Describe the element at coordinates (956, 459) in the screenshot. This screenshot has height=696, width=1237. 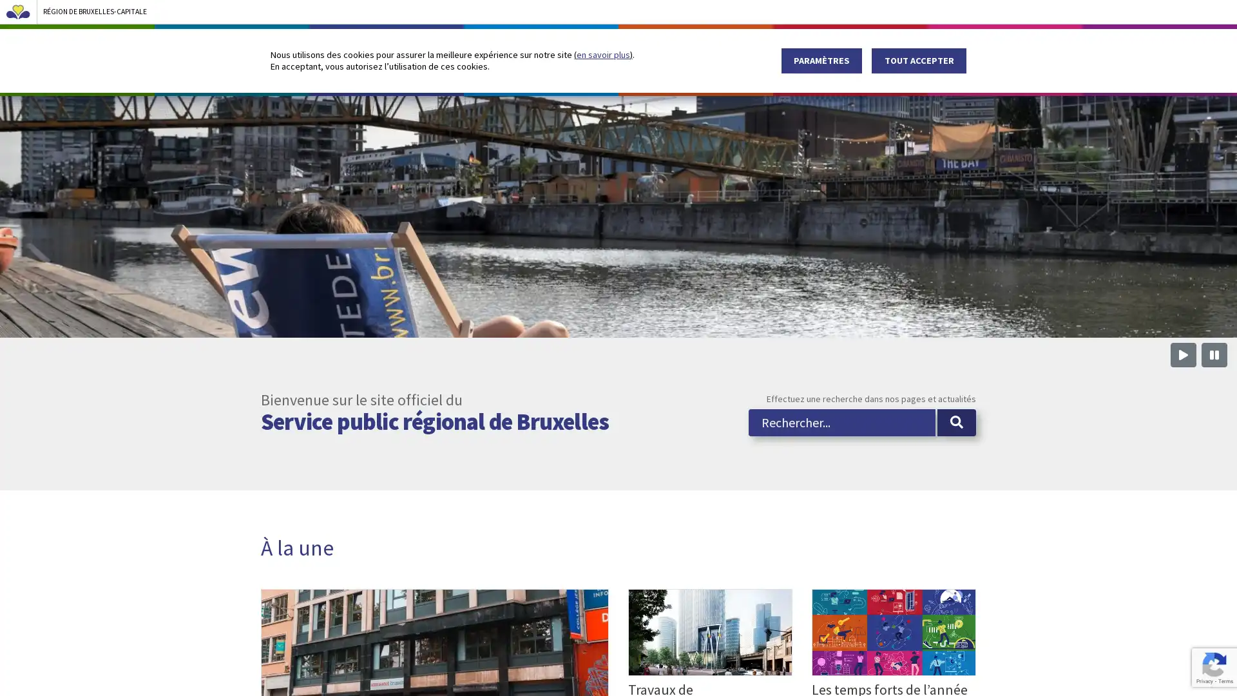
I see `Rechercher` at that location.